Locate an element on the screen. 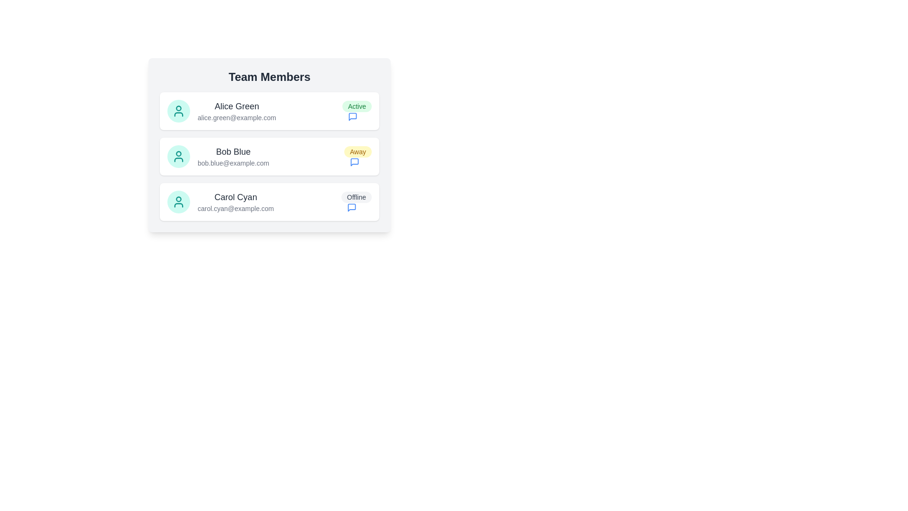 This screenshot has height=511, width=908. or copy the text label displaying the email address 'alice.green@example.com' located below the name 'Alice Green' in the team member list is located at coordinates (236, 117).